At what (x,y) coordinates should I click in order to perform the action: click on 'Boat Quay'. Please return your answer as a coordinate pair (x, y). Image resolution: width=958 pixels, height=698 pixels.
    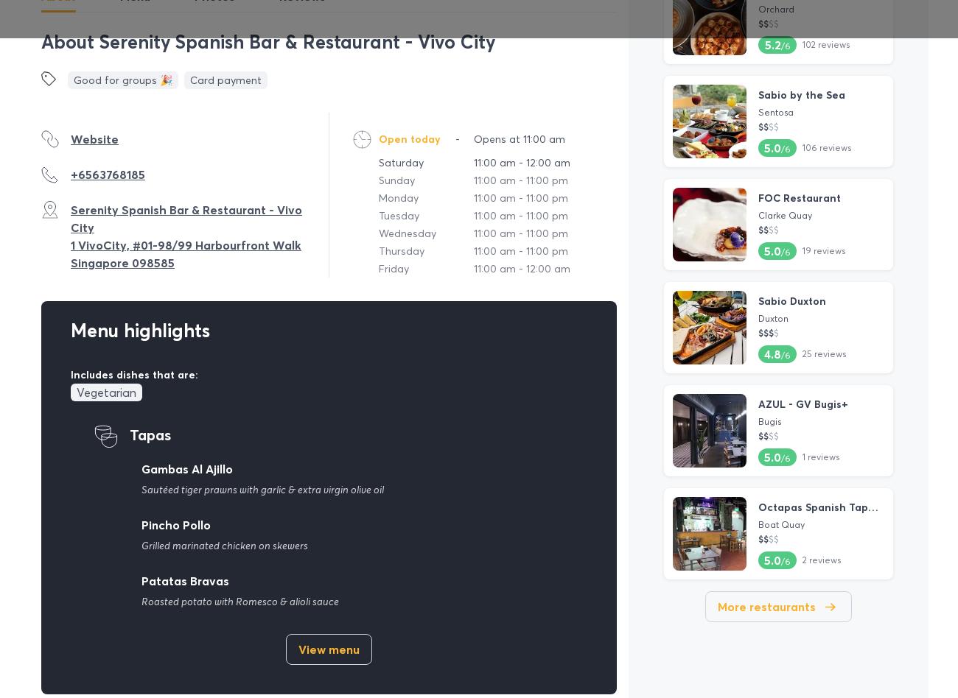
    Looking at the image, I should click on (757, 523).